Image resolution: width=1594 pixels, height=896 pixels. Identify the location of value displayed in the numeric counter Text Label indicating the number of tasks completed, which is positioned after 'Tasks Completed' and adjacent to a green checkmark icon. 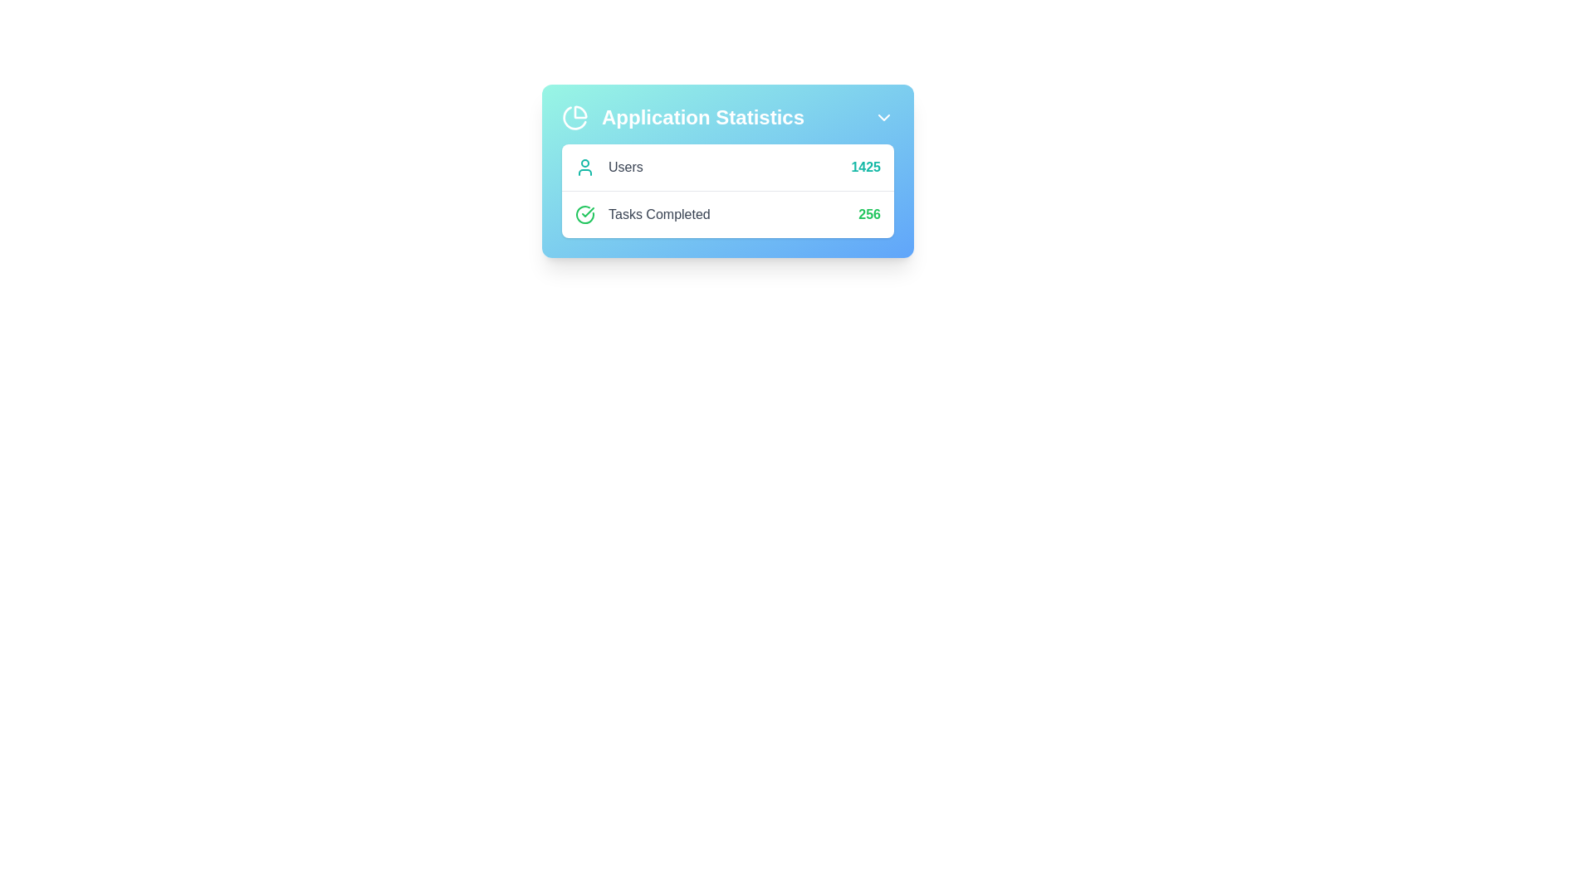
(868, 213).